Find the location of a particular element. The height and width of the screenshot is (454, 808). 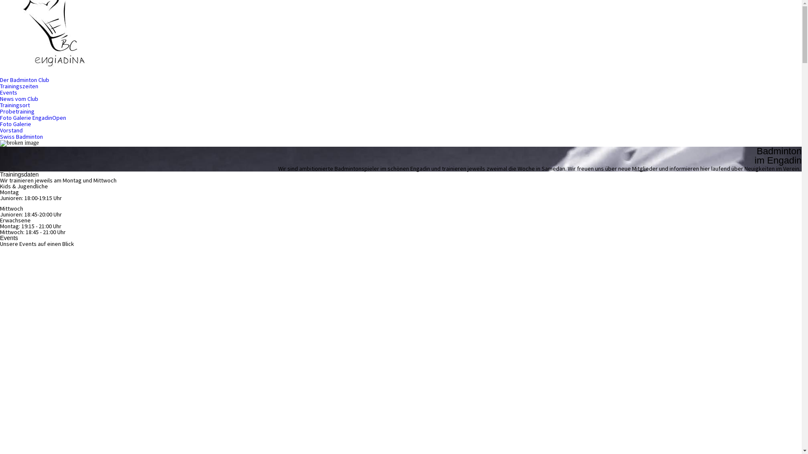

'Foto Galerie' is located at coordinates (16, 124).